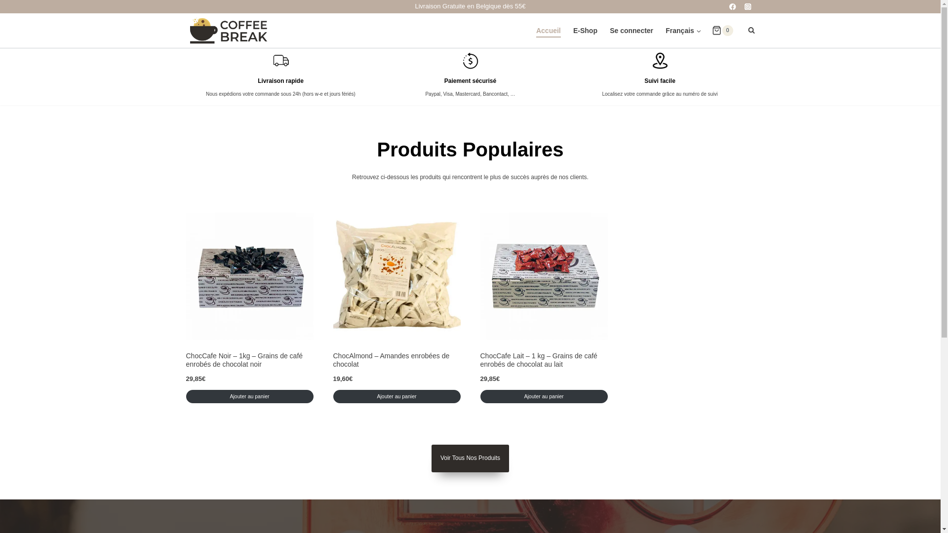  What do you see at coordinates (543, 396) in the screenshot?
I see `'Ajouter au panier'` at bounding box center [543, 396].